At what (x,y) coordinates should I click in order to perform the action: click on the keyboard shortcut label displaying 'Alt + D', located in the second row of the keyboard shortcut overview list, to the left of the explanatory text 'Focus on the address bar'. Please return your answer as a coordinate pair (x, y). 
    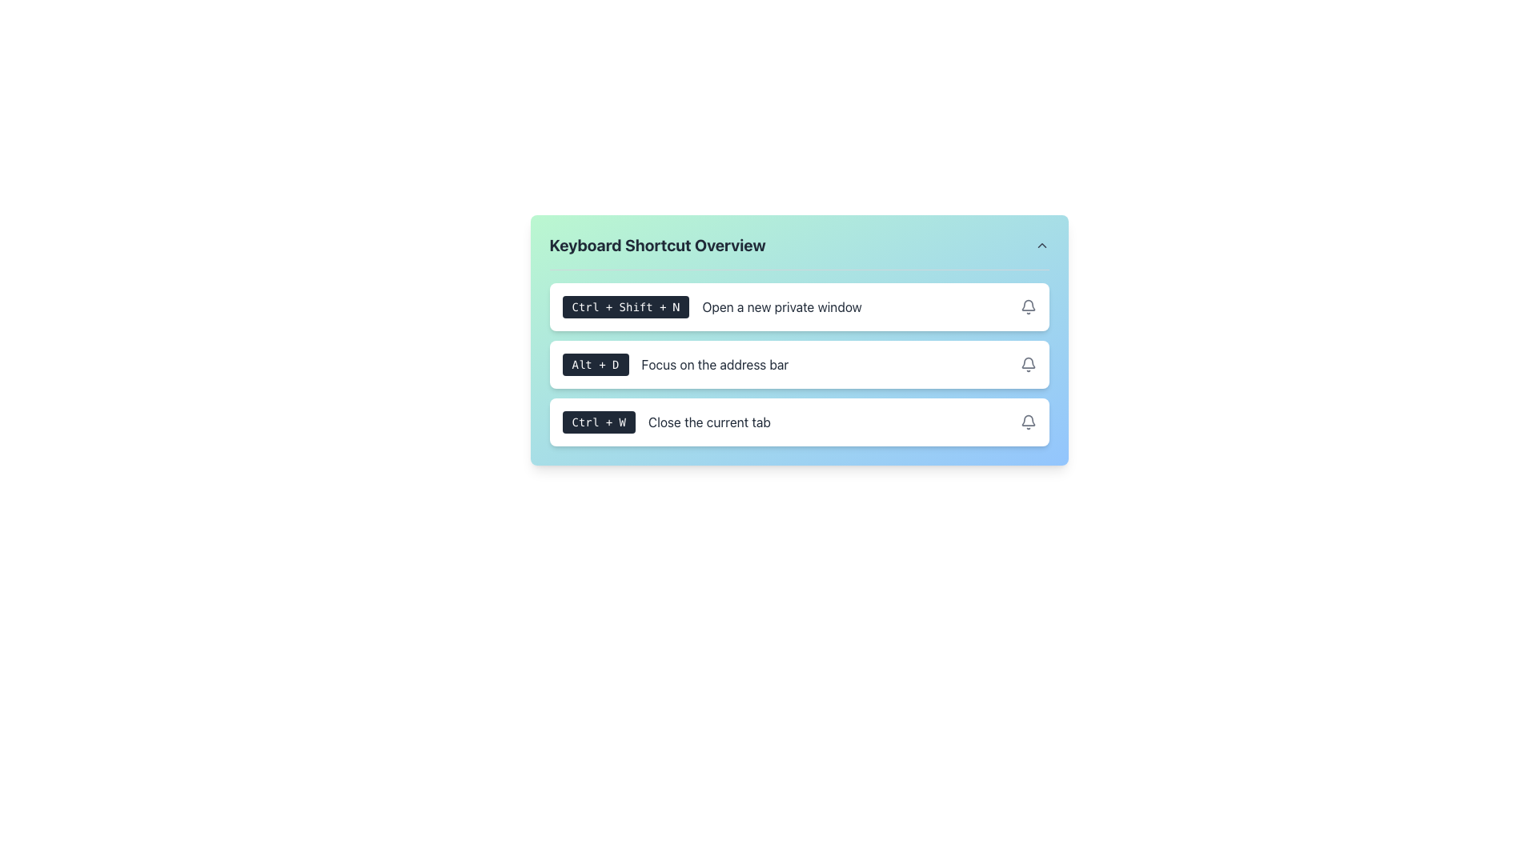
    Looking at the image, I should click on (595, 364).